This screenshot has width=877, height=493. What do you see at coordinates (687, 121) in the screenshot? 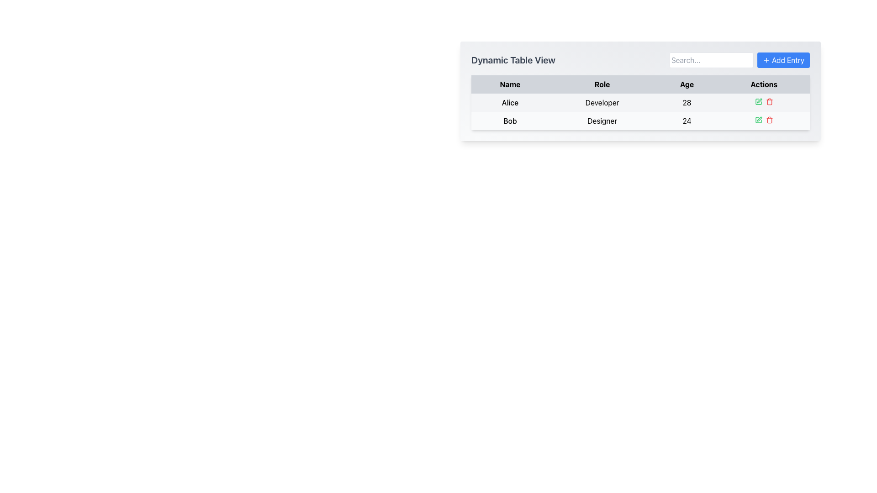
I see `the text displaying the number '24' in the second row of the table under the 'Age' column, which corresponds to the entry labeled 'Bob'` at bounding box center [687, 121].